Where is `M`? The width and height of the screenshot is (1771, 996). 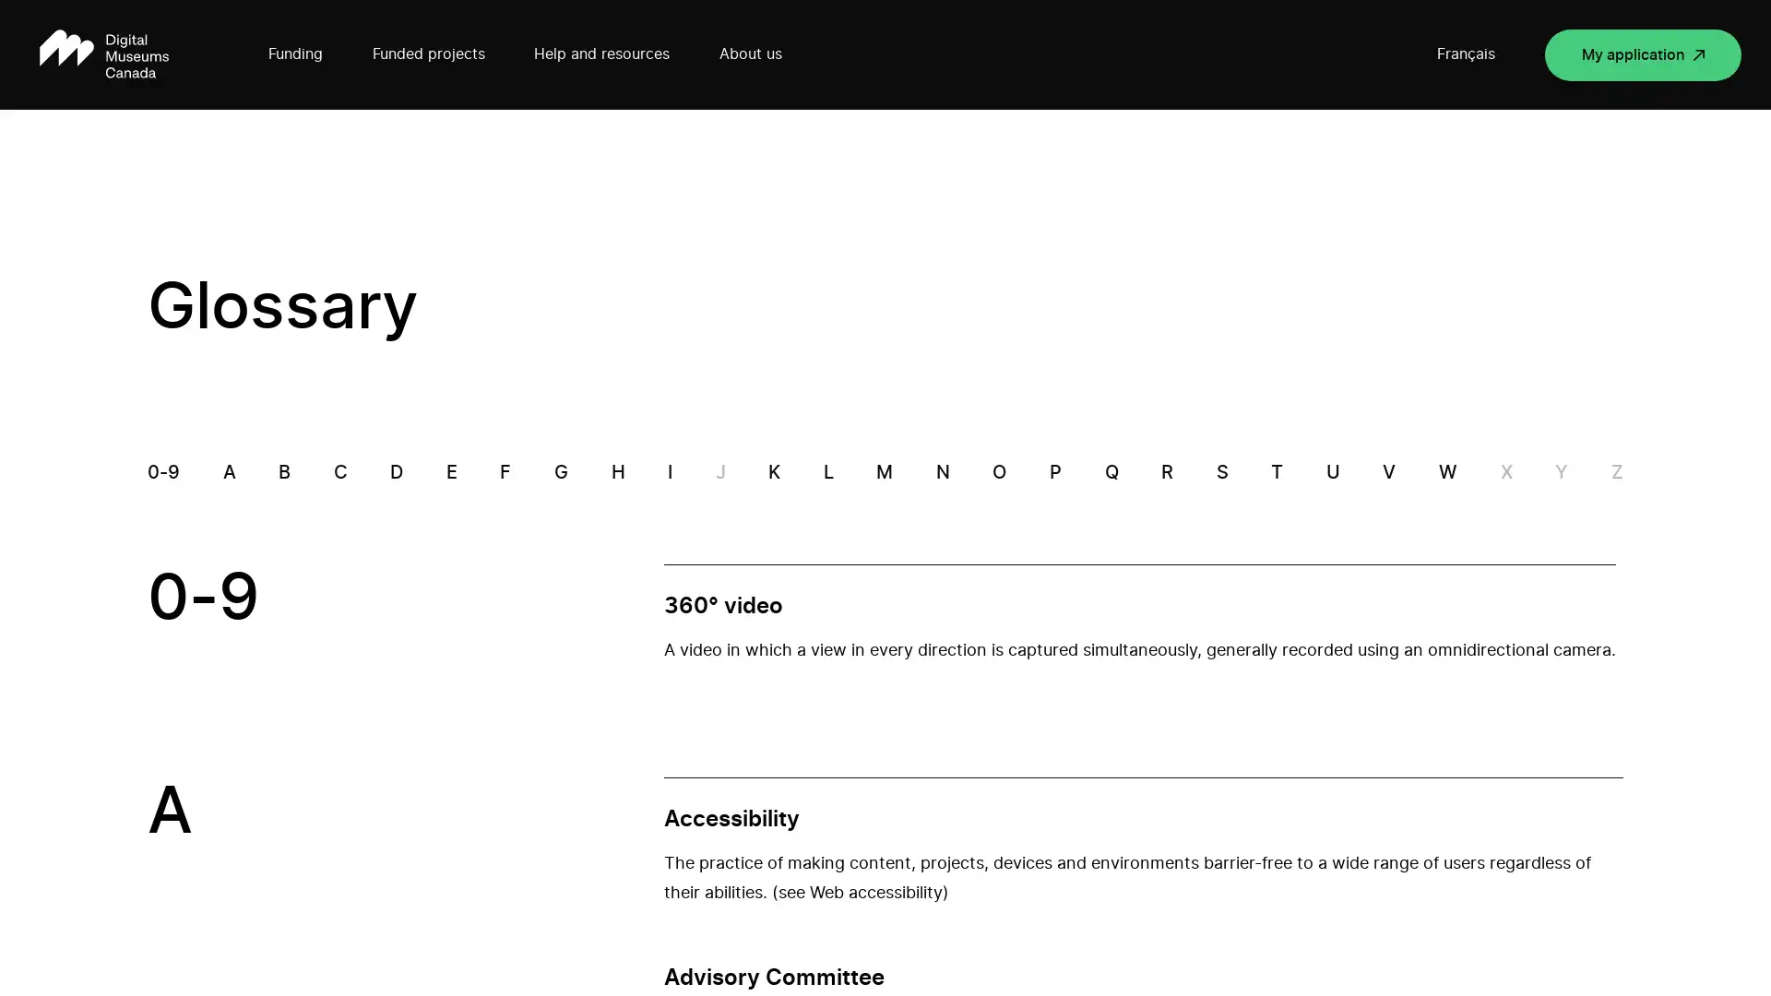
M is located at coordinates (884, 472).